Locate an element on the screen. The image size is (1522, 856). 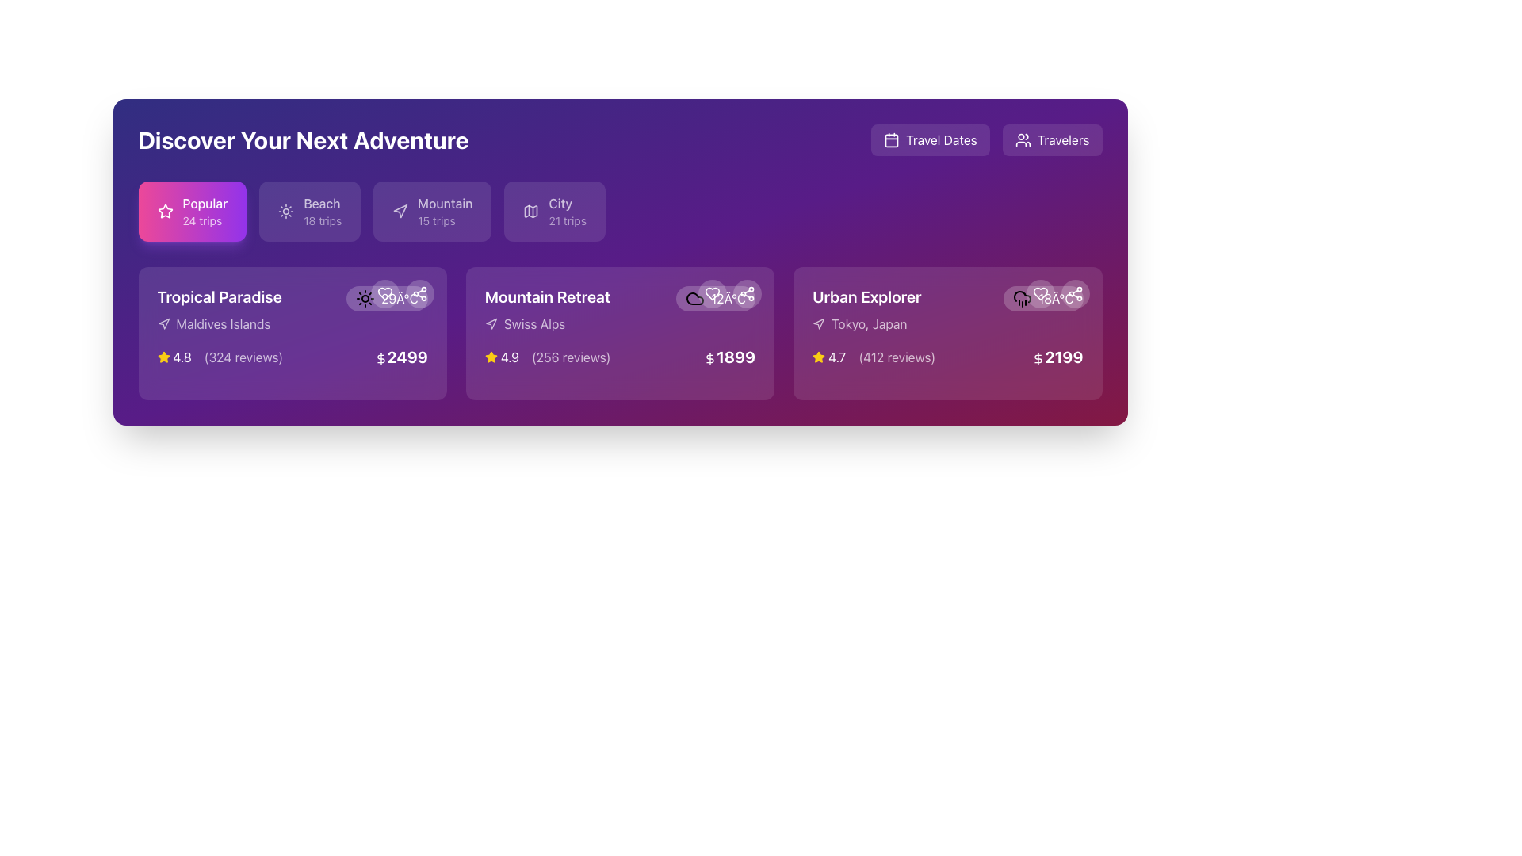
the large, bold, white text displaying 'Discover Your Next Adventure', which is prominently positioned on a purple background near the top-left corner of the interface is located at coordinates (304, 139).